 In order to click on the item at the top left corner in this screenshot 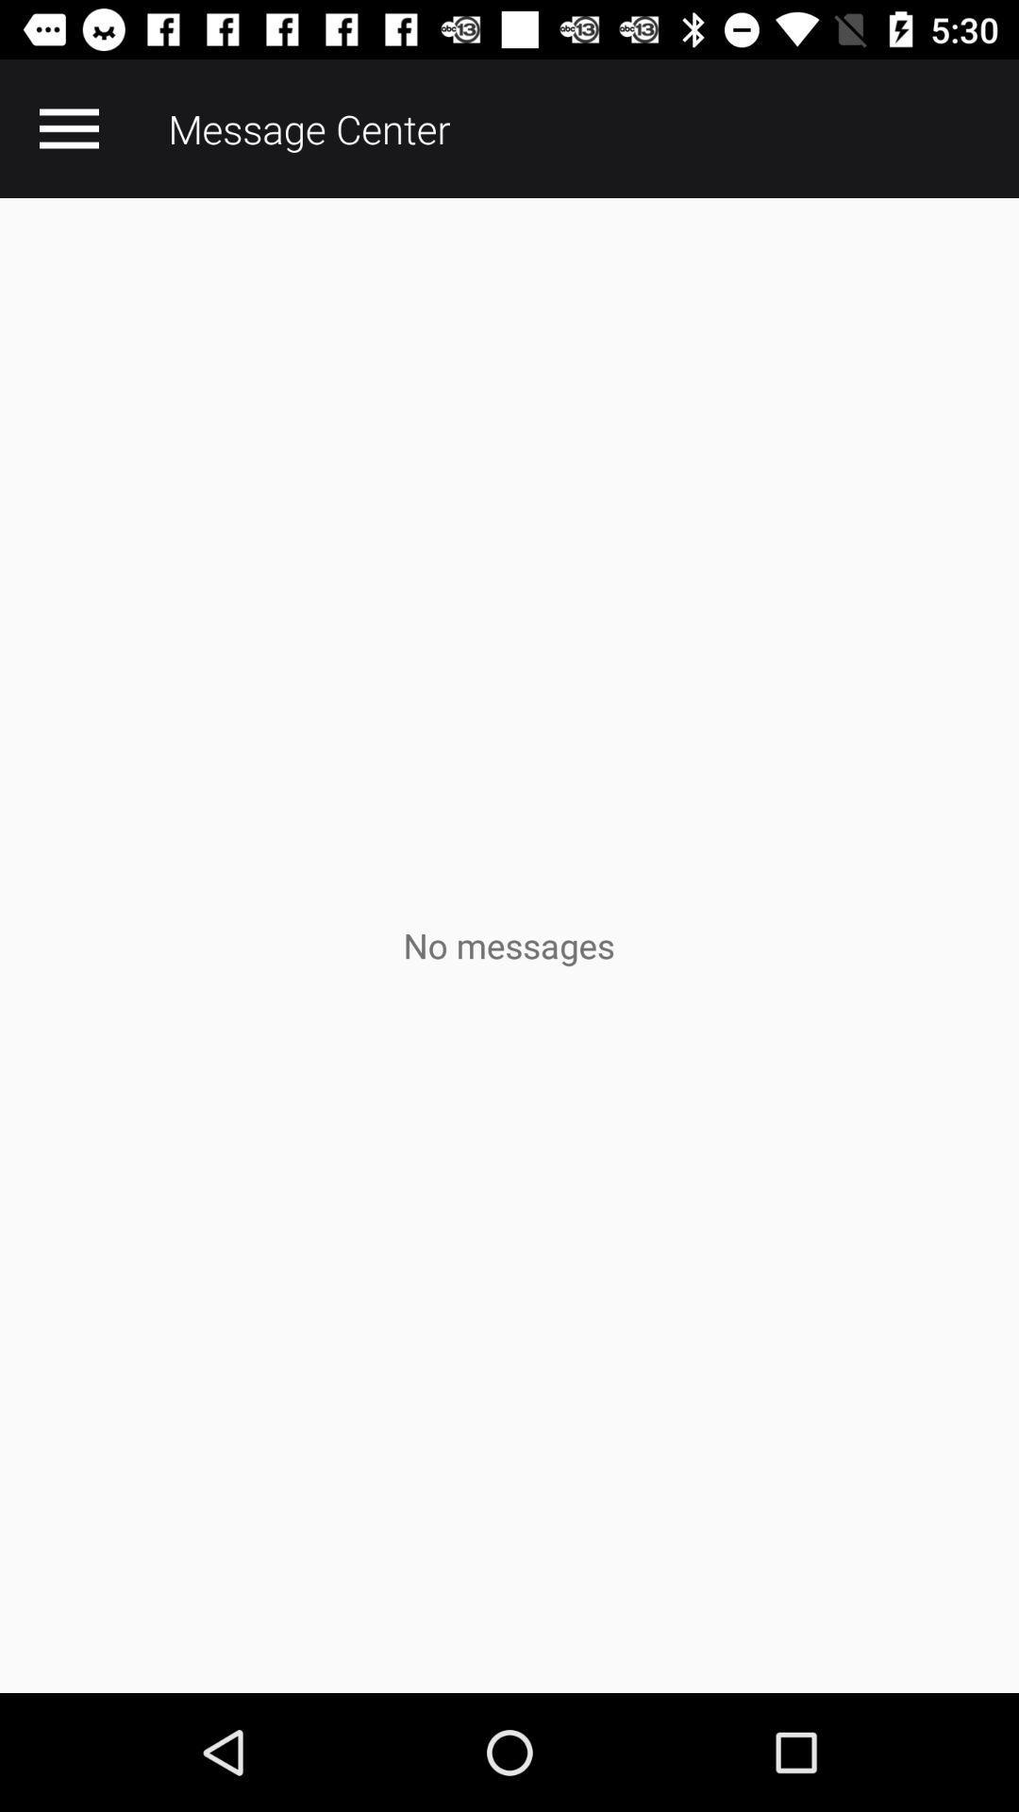, I will do `click(68, 127)`.